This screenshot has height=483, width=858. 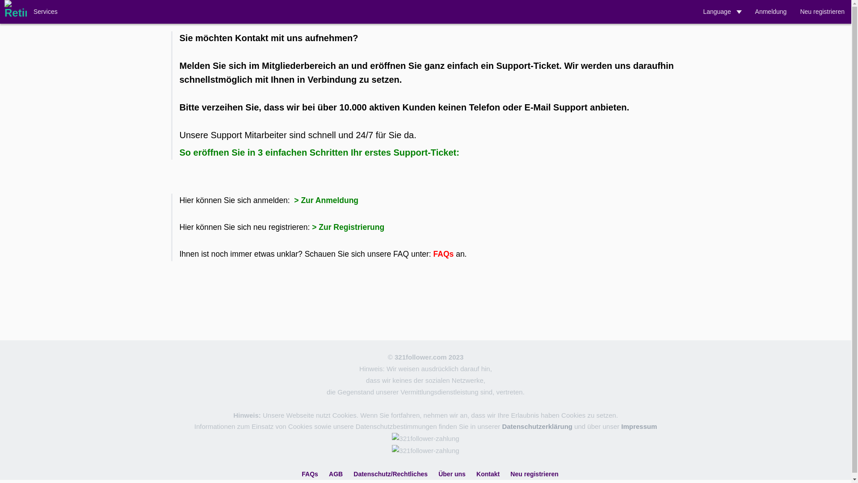 What do you see at coordinates (534, 474) in the screenshot?
I see `'Neu registrieren'` at bounding box center [534, 474].